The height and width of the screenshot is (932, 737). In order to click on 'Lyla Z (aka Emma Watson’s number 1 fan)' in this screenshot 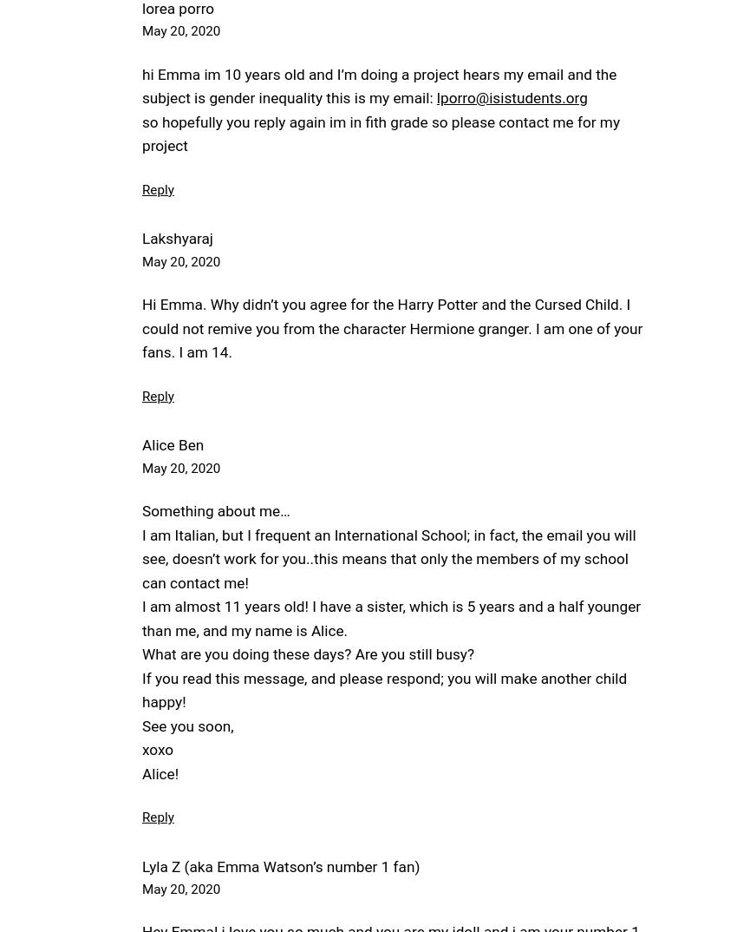, I will do `click(141, 864)`.